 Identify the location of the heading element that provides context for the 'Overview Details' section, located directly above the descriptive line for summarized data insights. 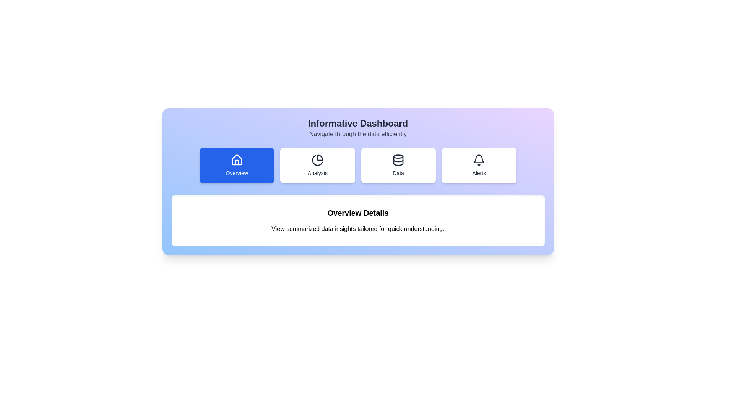
(357, 213).